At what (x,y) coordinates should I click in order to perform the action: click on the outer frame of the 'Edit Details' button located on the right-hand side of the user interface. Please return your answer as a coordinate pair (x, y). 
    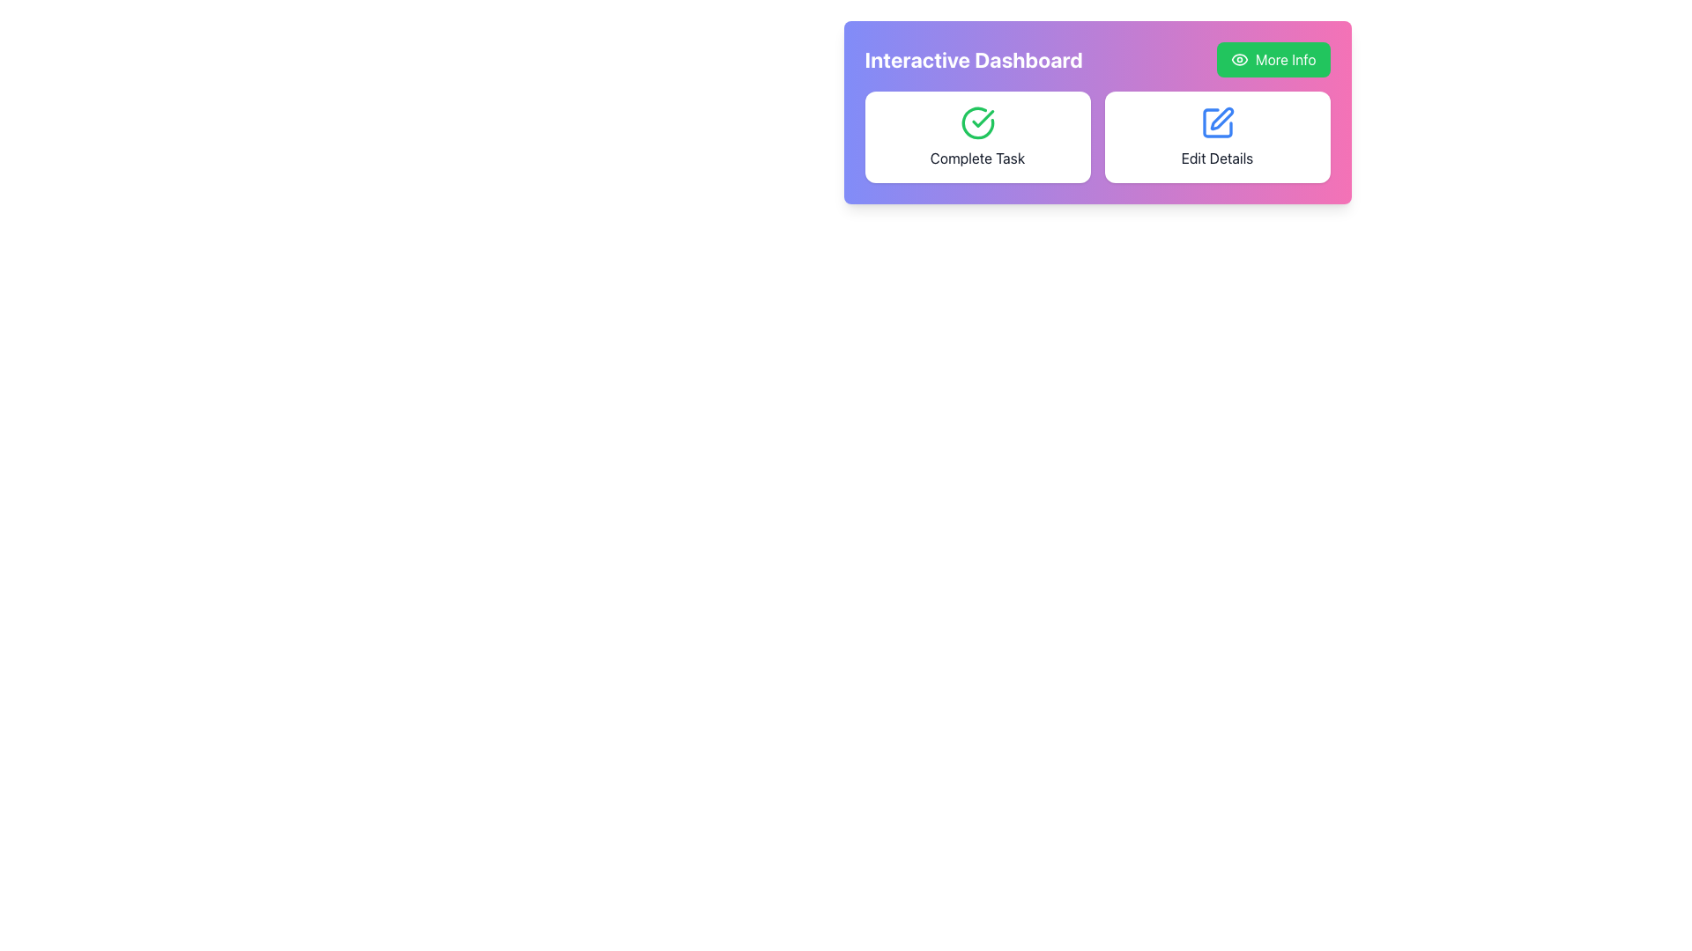
    Looking at the image, I should click on (1216, 122).